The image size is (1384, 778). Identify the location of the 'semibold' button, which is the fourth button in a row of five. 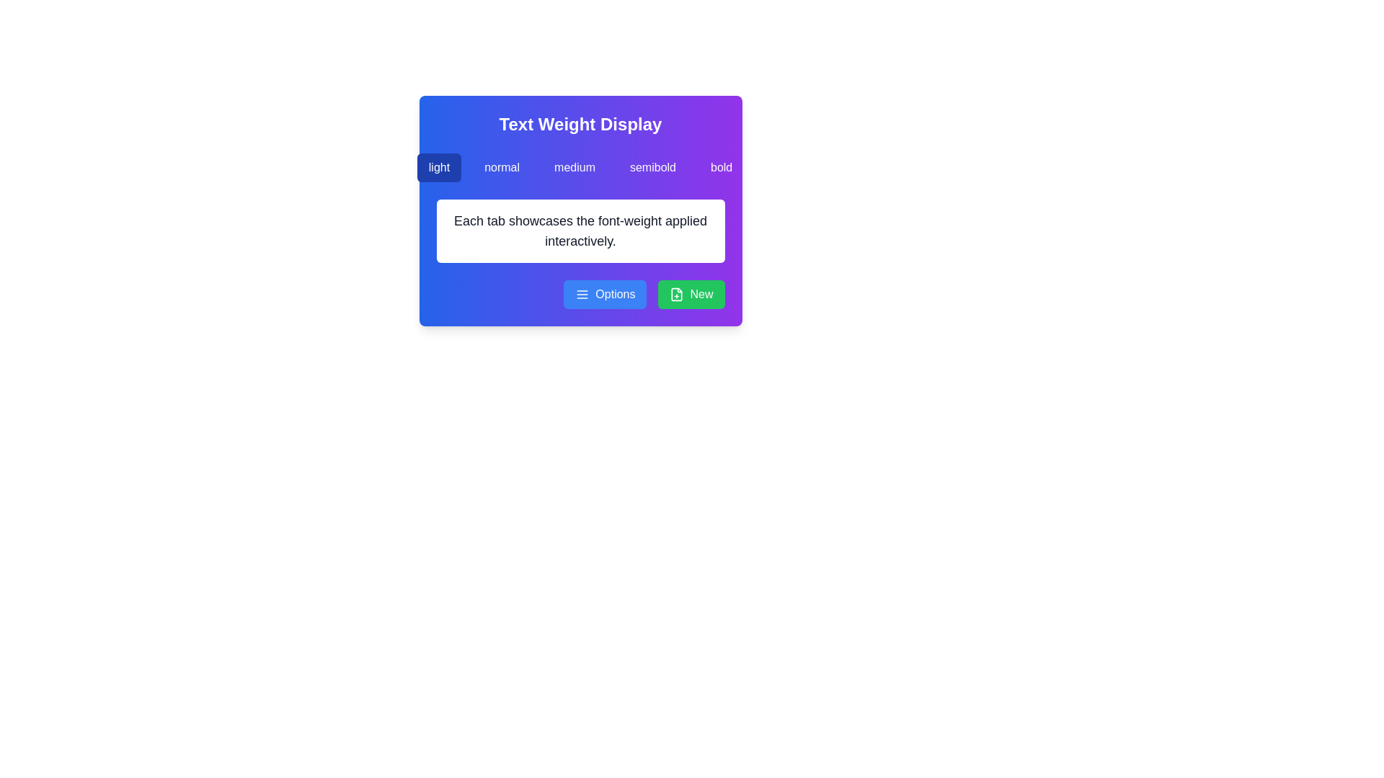
(652, 166).